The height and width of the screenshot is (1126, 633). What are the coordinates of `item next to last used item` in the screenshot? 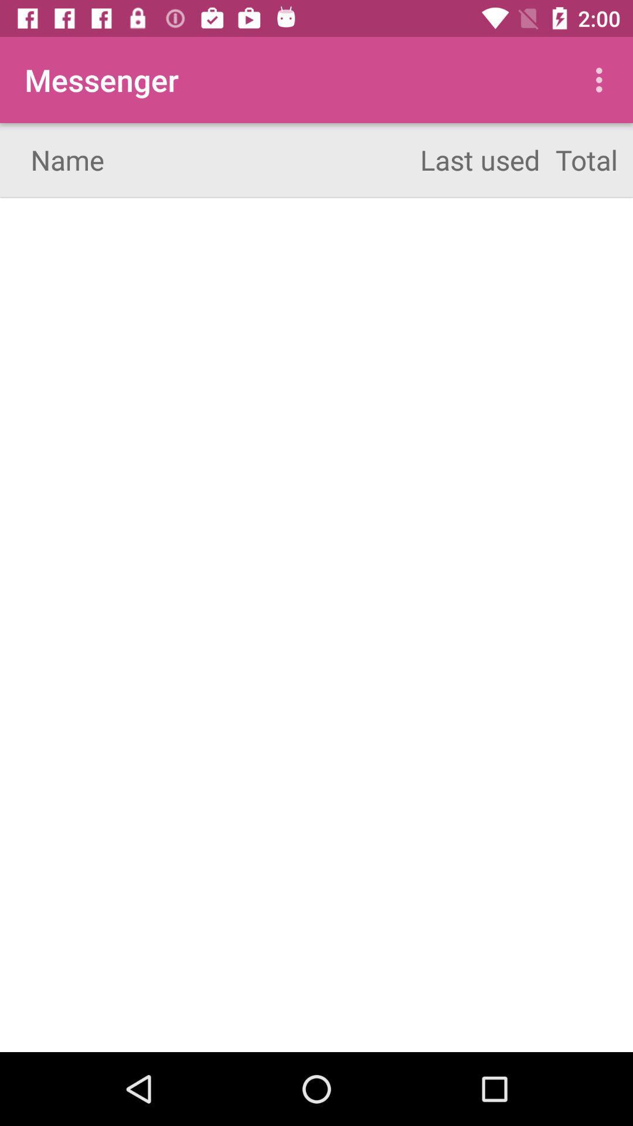 It's located at (602, 79).